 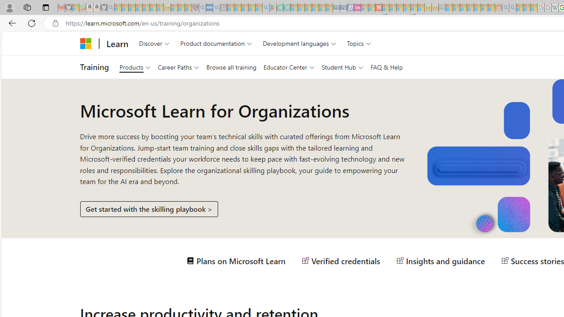 What do you see at coordinates (251, 7) in the screenshot?
I see `'Pets - MSN - Sleeping'` at bounding box center [251, 7].